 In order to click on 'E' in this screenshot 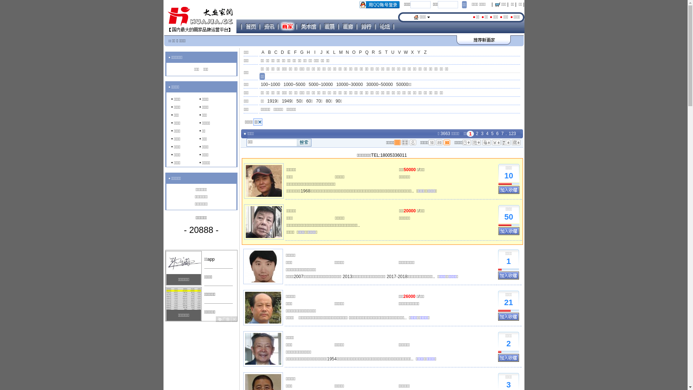, I will do `click(289, 52)`.